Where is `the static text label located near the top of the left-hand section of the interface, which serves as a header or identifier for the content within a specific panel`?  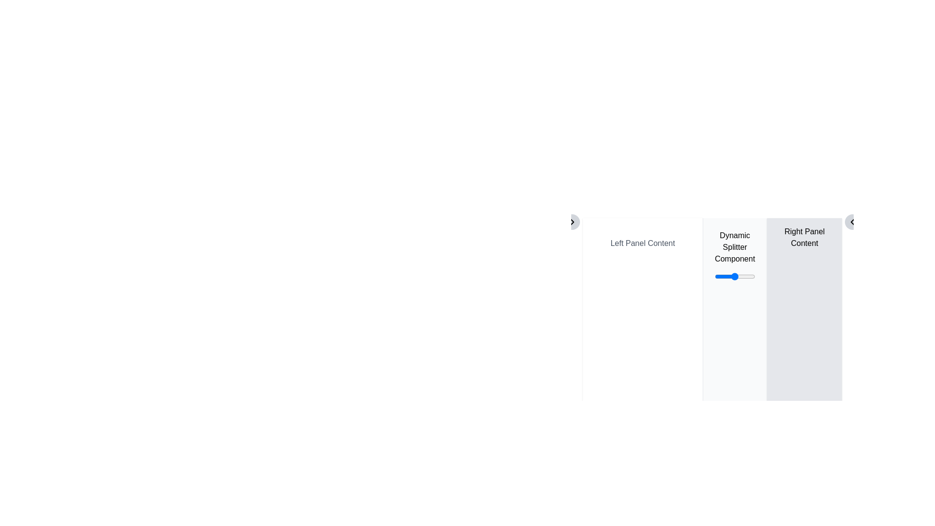
the static text label located near the top of the left-hand section of the interface, which serves as a header or identifier for the content within a specific panel is located at coordinates (643, 243).